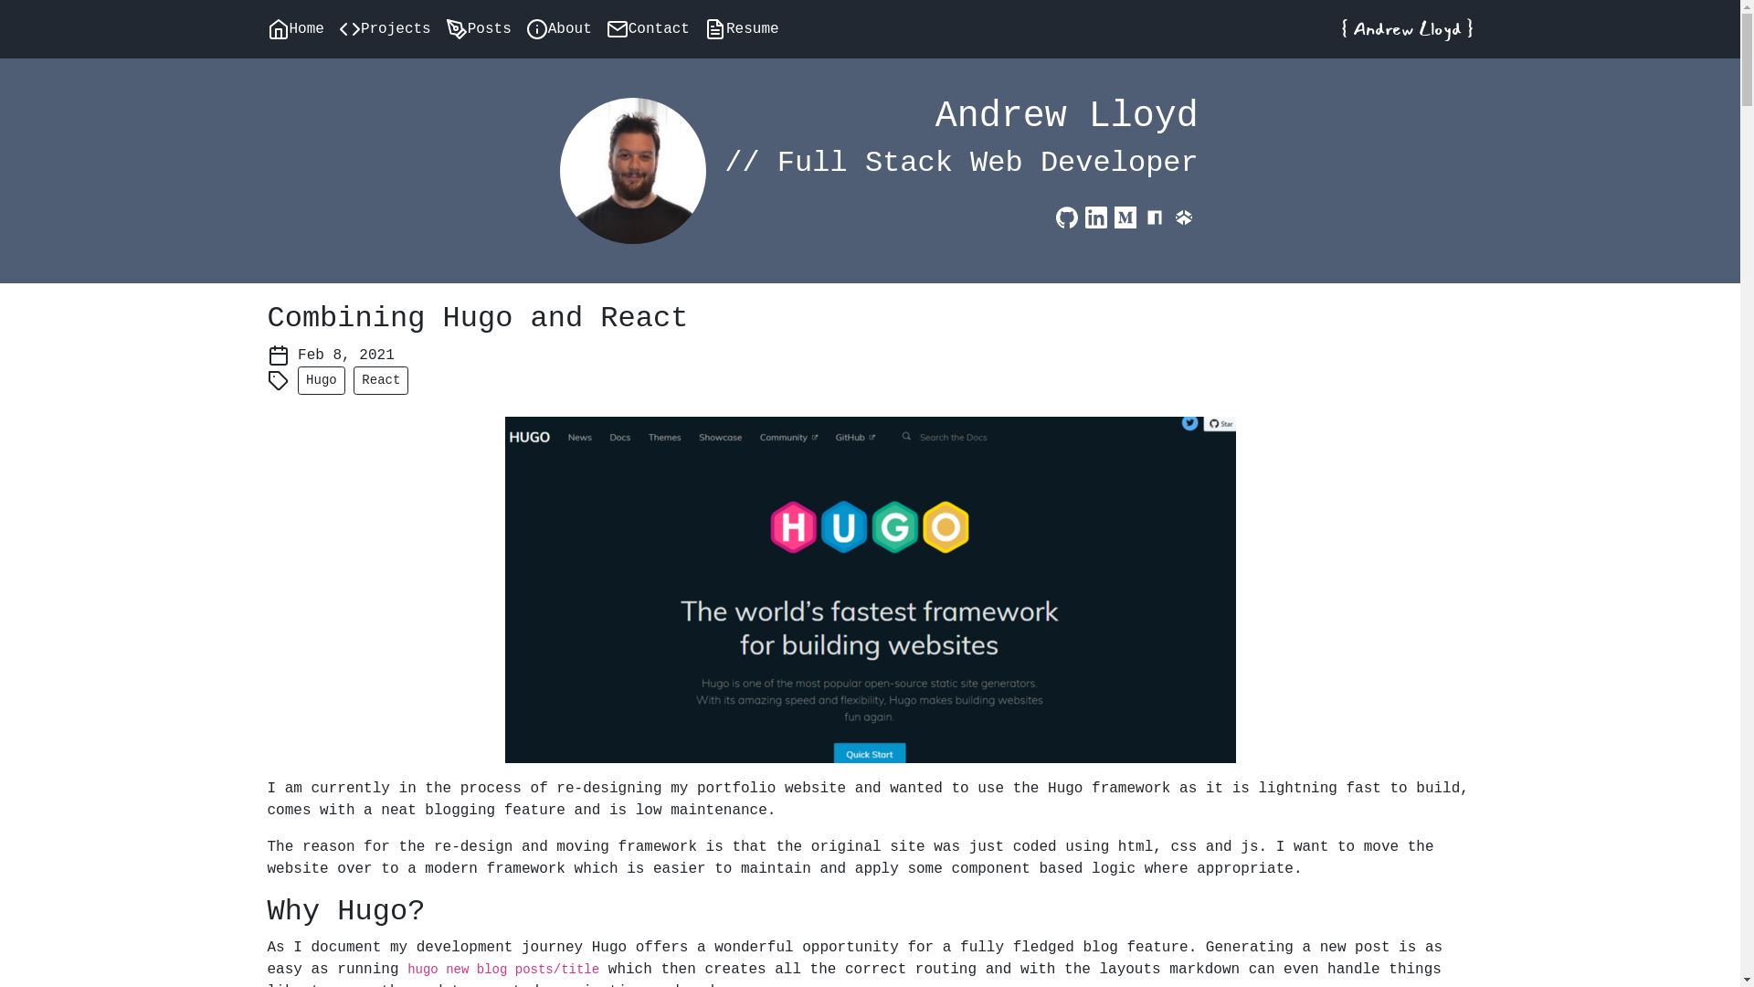  Describe the element at coordinates (298, 379) in the screenshot. I see `'Hugo'` at that location.